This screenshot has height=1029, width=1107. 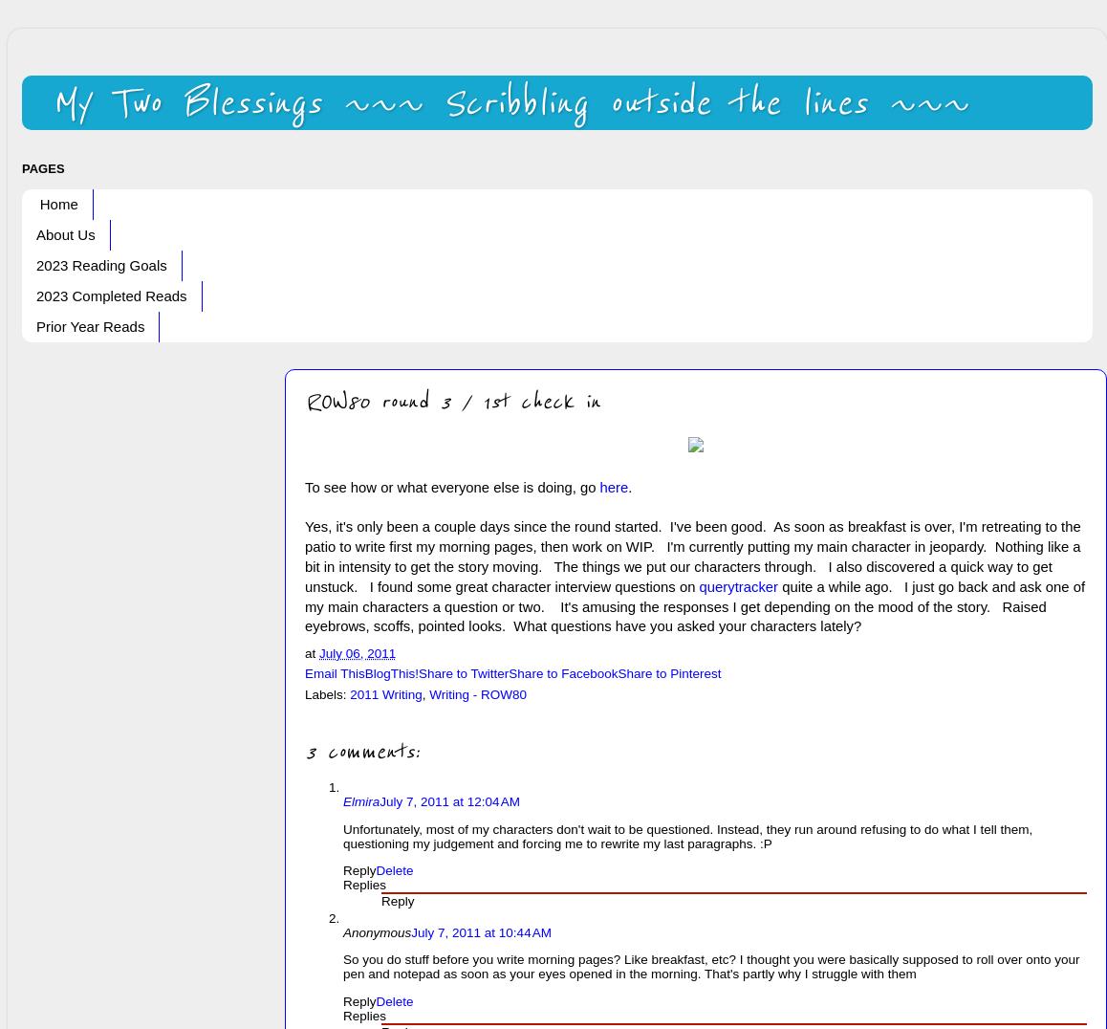 What do you see at coordinates (418, 673) in the screenshot?
I see `'Share to Twitter'` at bounding box center [418, 673].